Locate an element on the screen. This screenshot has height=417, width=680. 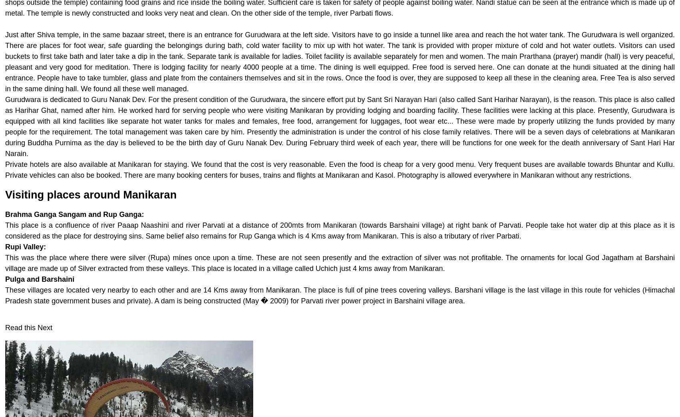
'This was the place where there were silver (Rupa) mines once upon a time. These are not seen presently and the extraction of silver was not profitable. The ornaments for local God Jagatham at Barshaini village are made up of Silver extracted from these valleys. This place is located in a village called Uchich just 4 kms away from Manikaran.' is located at coordinates (340, 263).